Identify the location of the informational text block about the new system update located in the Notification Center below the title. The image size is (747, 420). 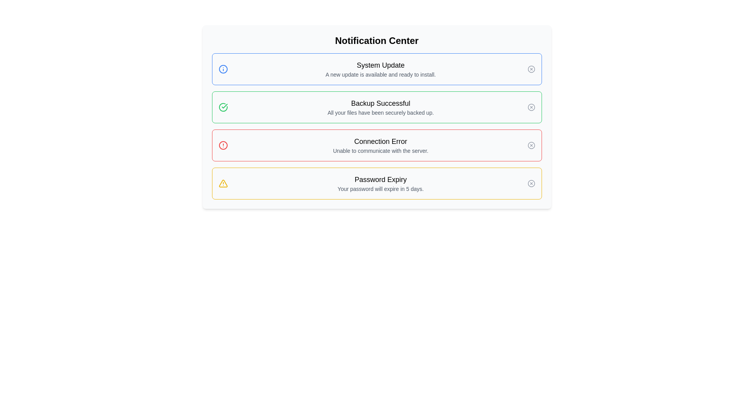
(381, 68).